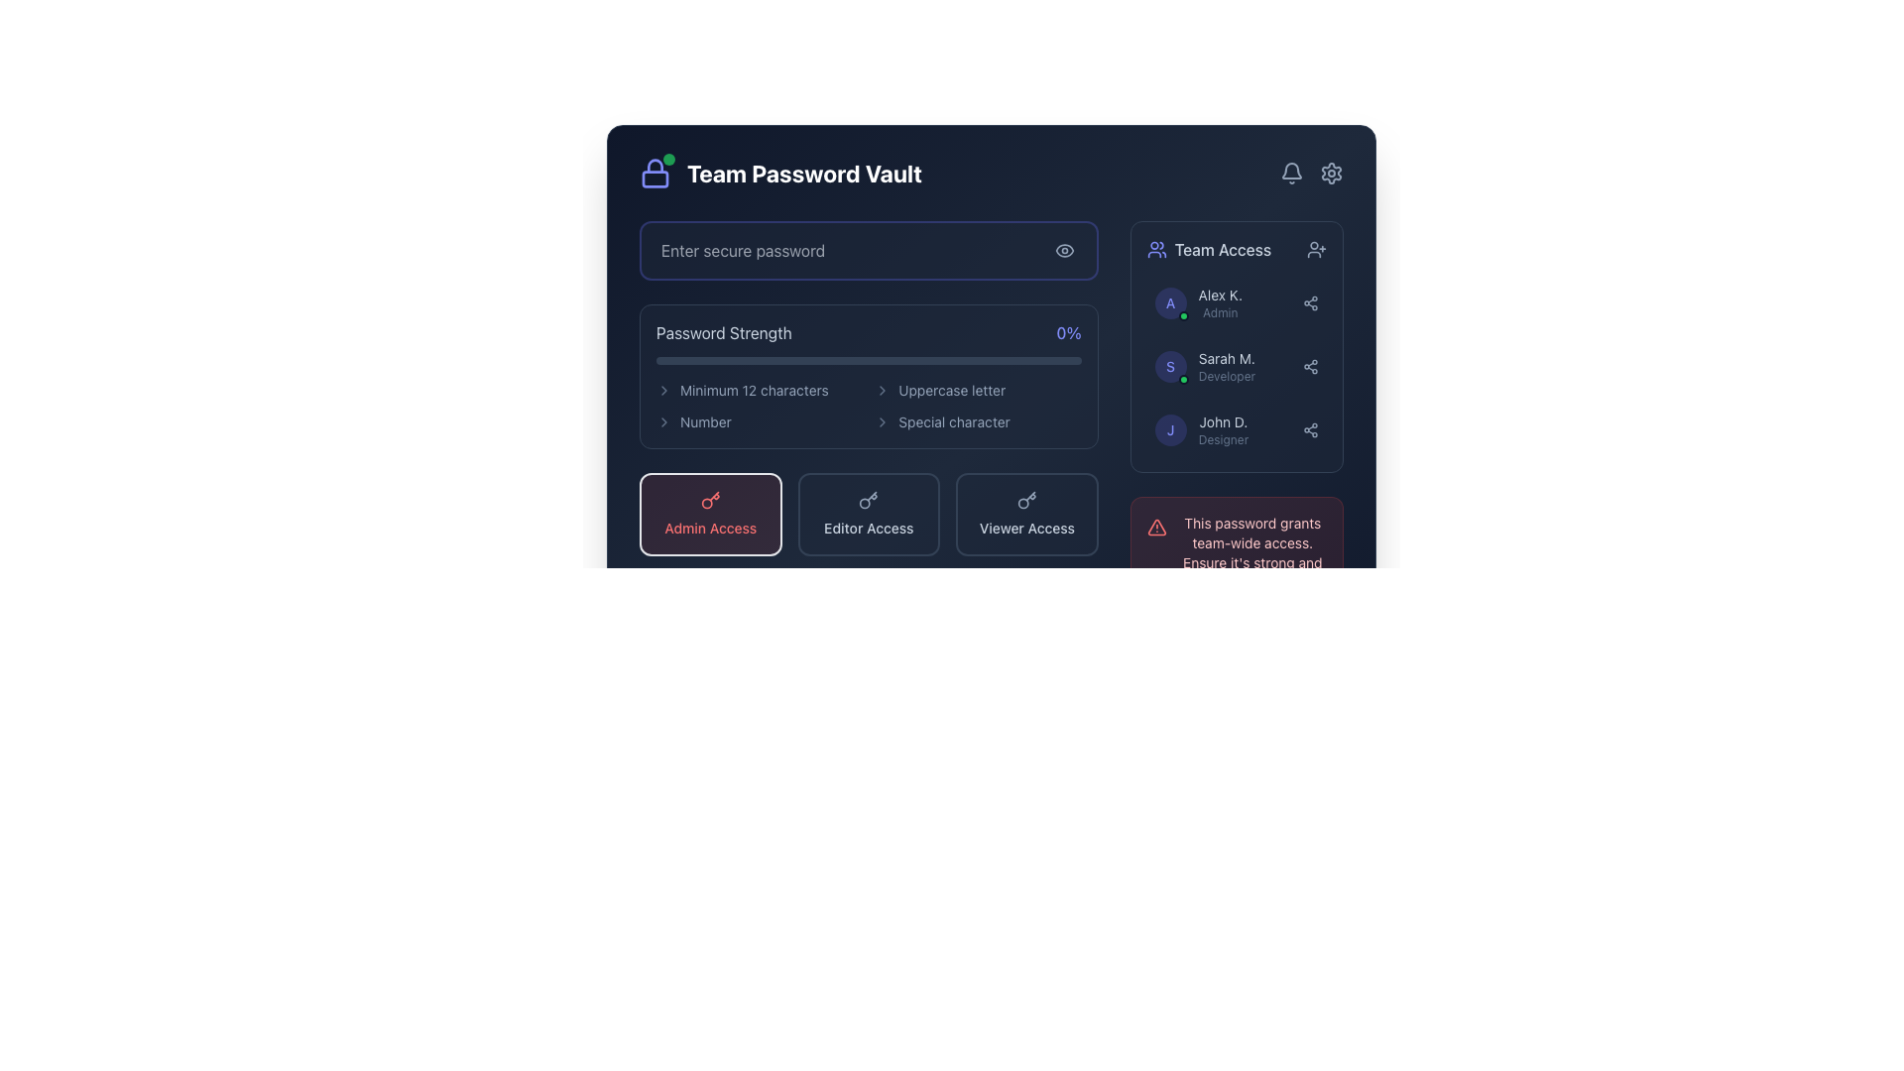 Image resolution: width=1904 pixels, height=1071 pixels. I want to click on the alert message element that contains a red warning icon and the text 'This password grants team-wide access. Ensure it's strong and shared securely.', so click(1236, 553).